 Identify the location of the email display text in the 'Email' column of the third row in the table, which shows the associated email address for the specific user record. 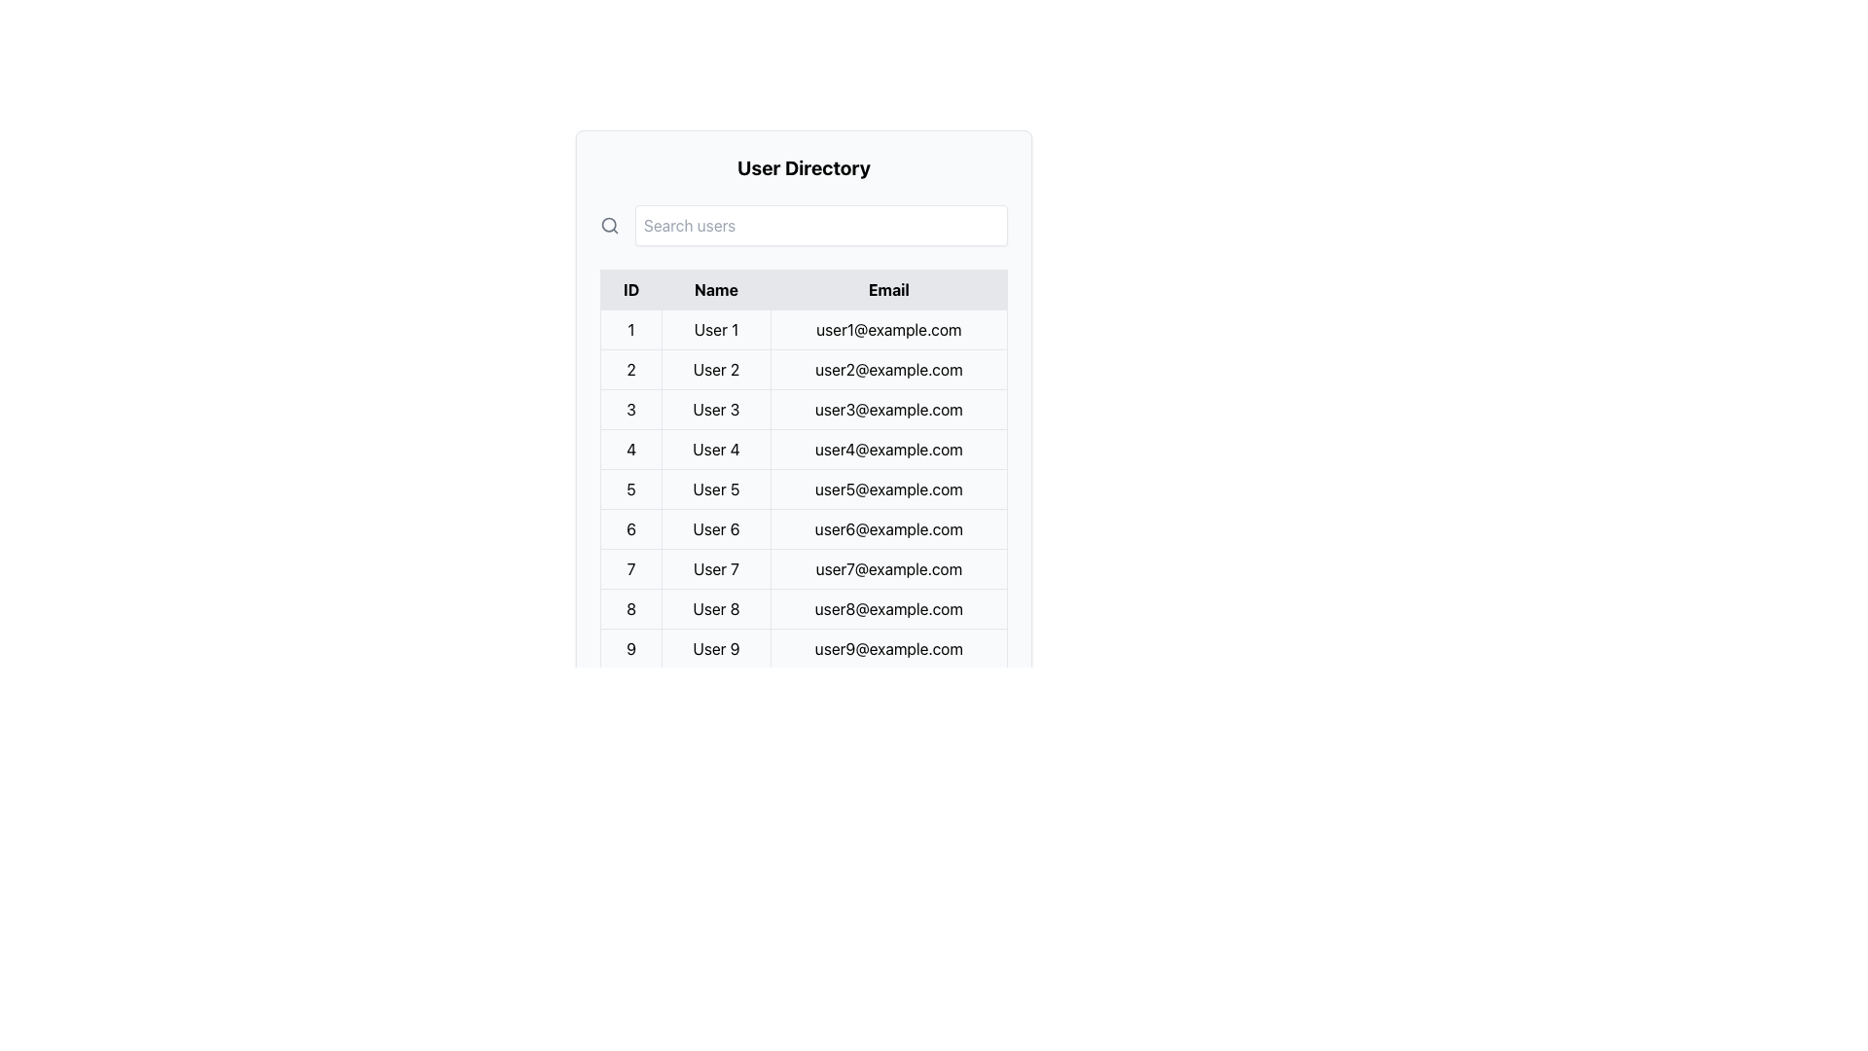
(887, 408).